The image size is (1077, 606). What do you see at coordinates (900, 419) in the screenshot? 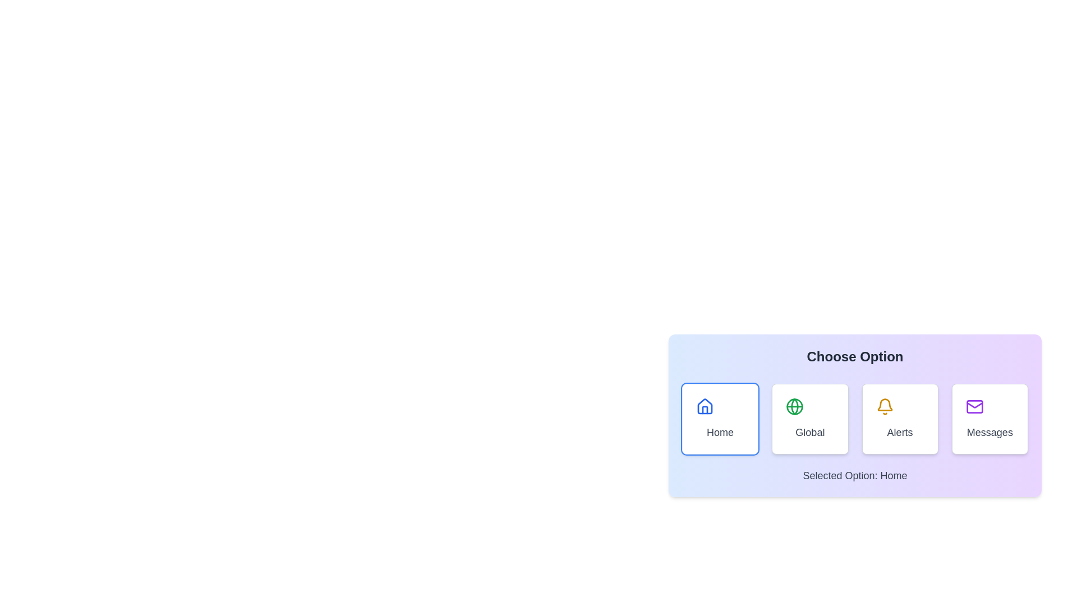
I see `the interactive menu option button related to alerts or notifications, positioned third in a horizontal grid of four cards` at bounding box center [900, 419].